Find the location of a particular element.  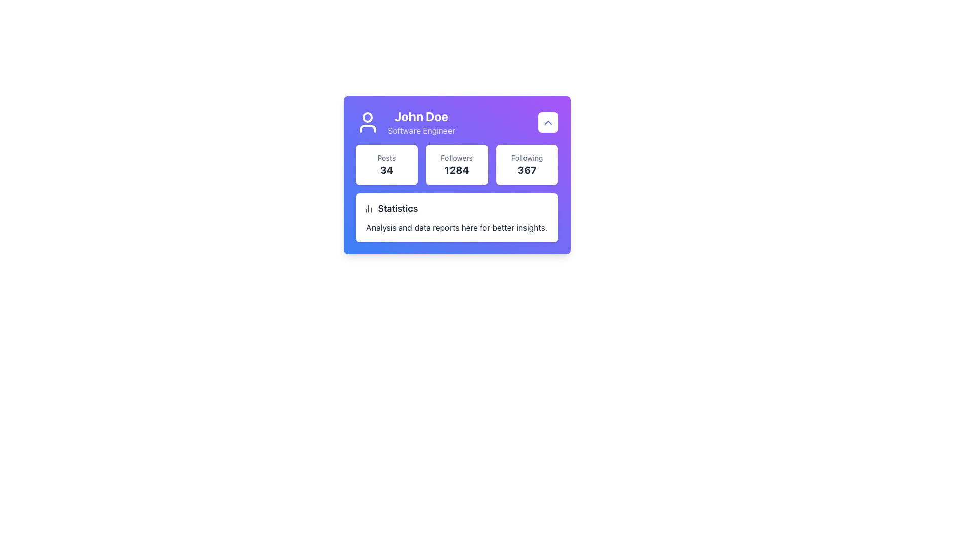

the Statistical Display Card that displays 'Followers' with the number '1284' in bold black font is located at coordinates (456, 165).